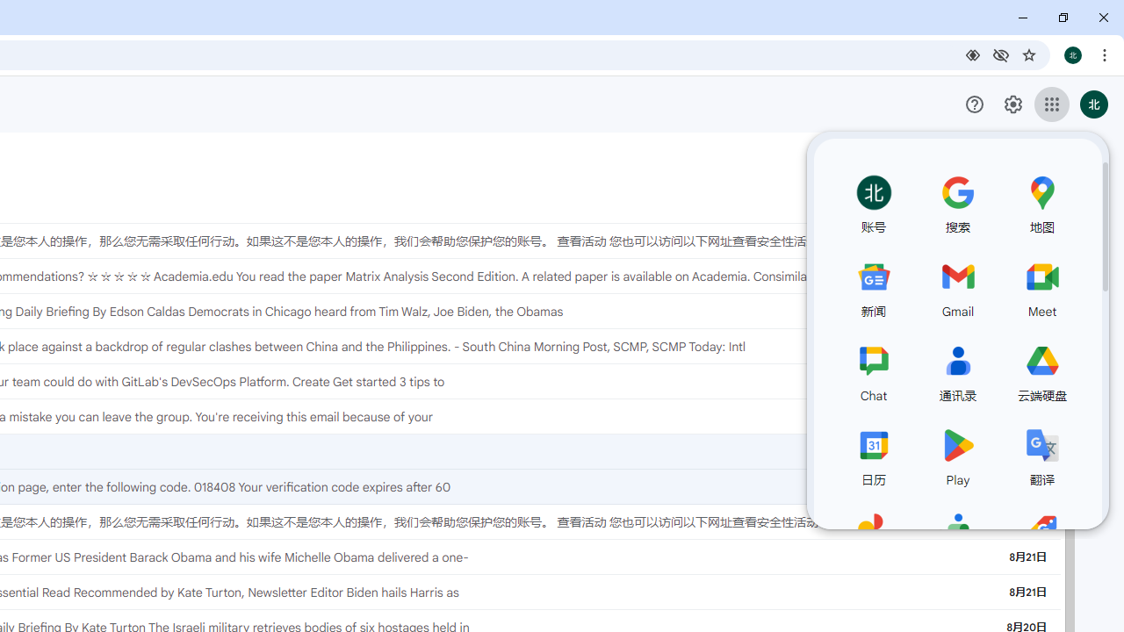 The height and width of the screenshot is (632, 1124). I want to click on 'Third-party cookies blocked', so click(1000, 54).